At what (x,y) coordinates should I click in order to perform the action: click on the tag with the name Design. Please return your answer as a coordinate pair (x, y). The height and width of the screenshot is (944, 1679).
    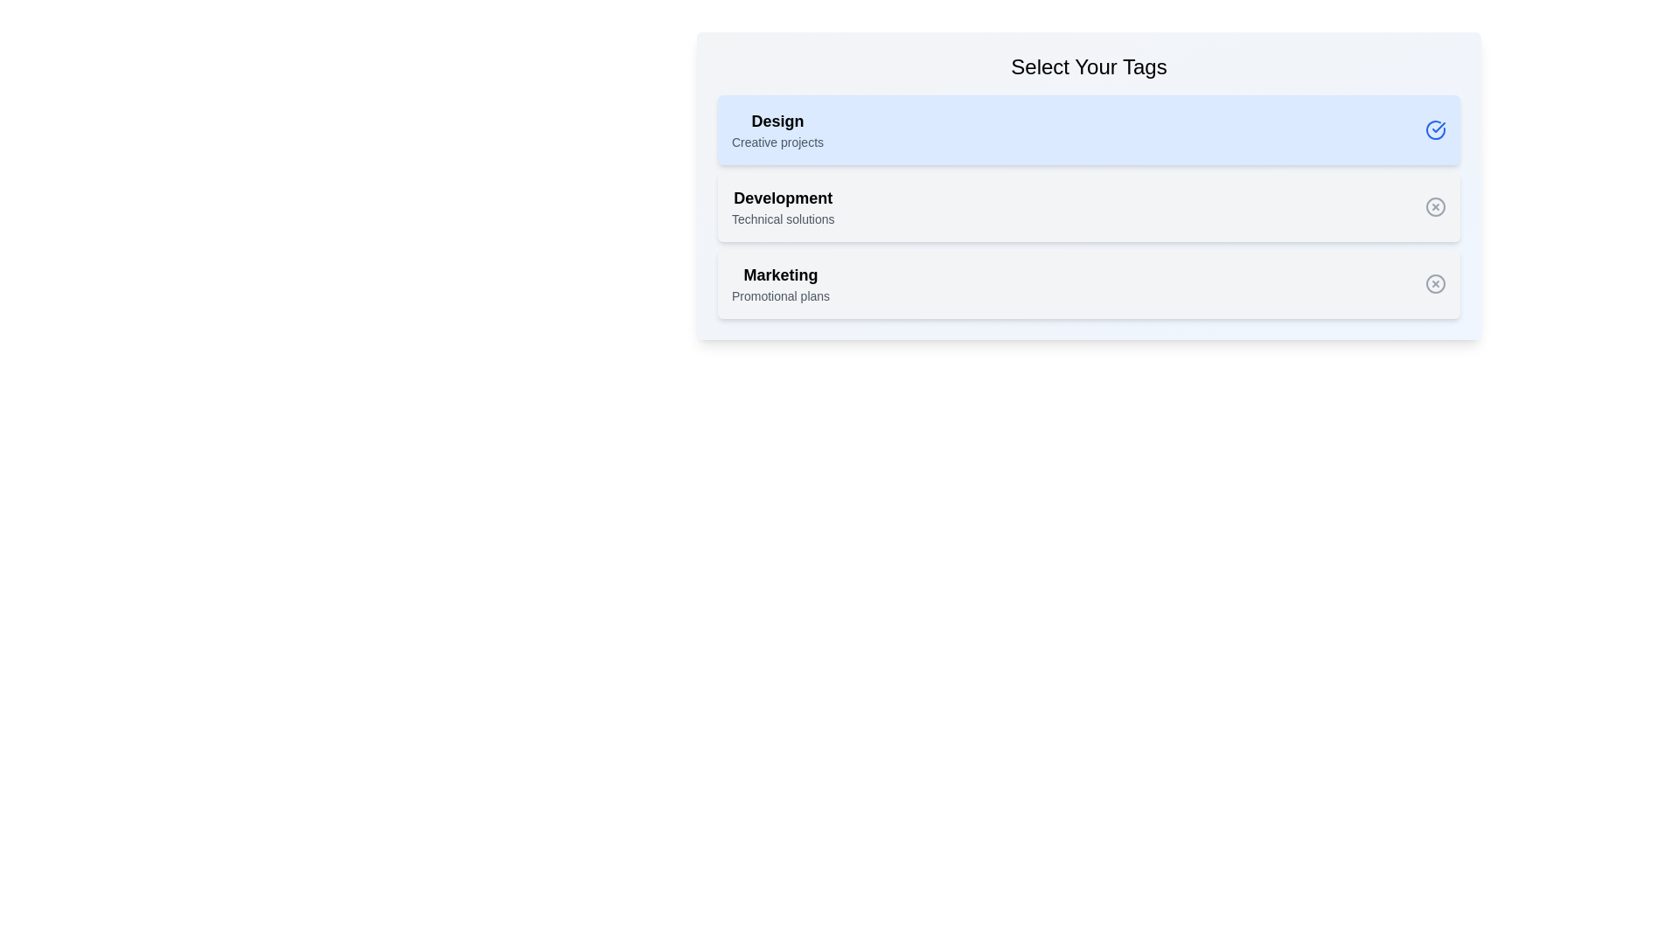
    Looking at the image, I should click on (777, 129).